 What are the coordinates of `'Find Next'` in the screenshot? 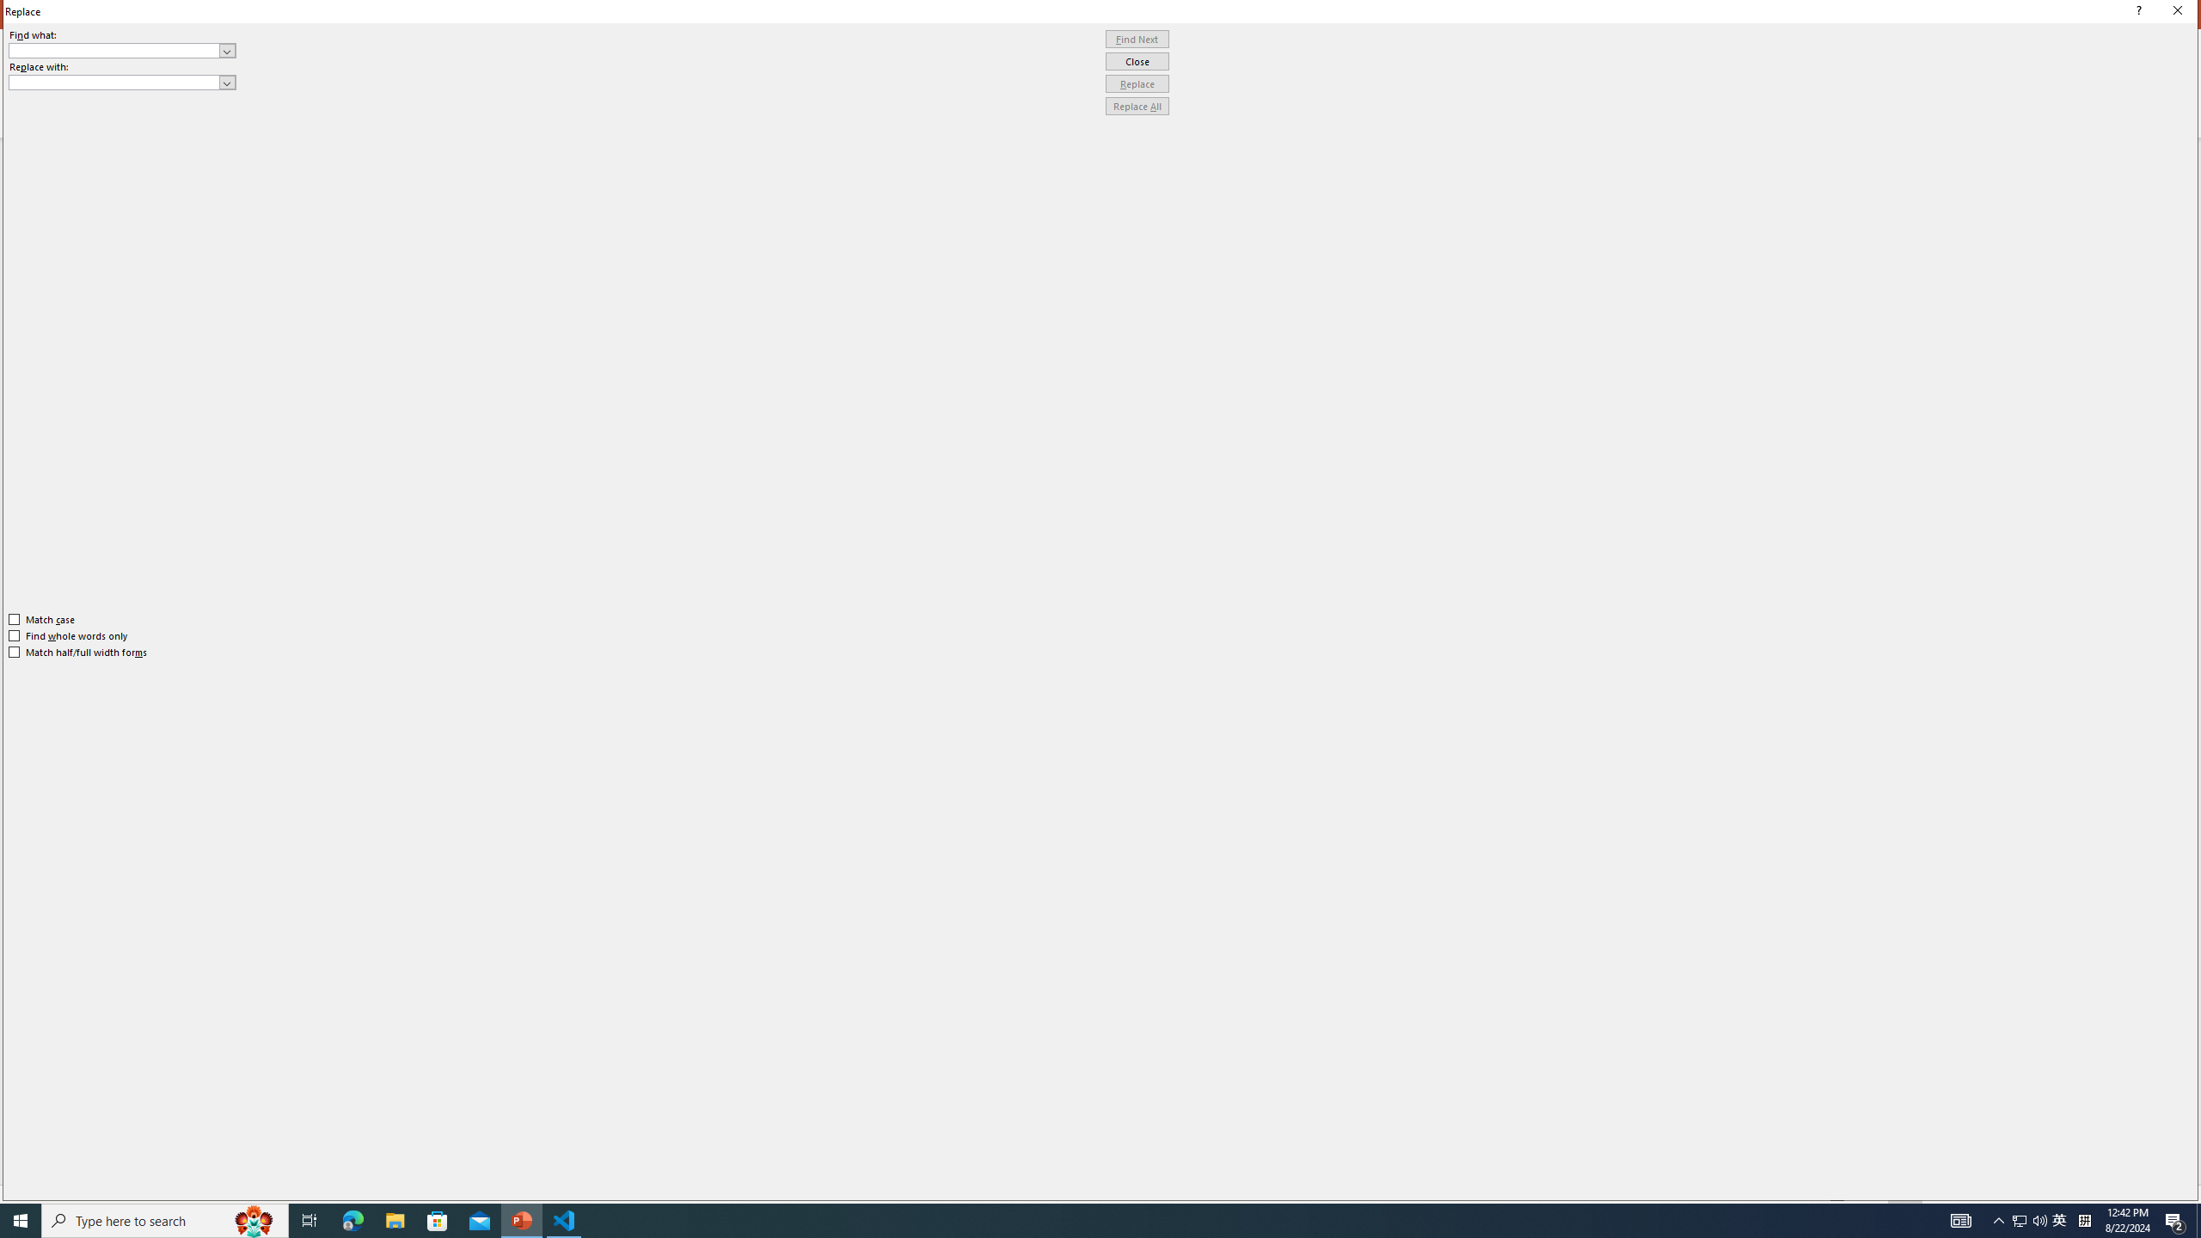 It's located at (1137, 39).